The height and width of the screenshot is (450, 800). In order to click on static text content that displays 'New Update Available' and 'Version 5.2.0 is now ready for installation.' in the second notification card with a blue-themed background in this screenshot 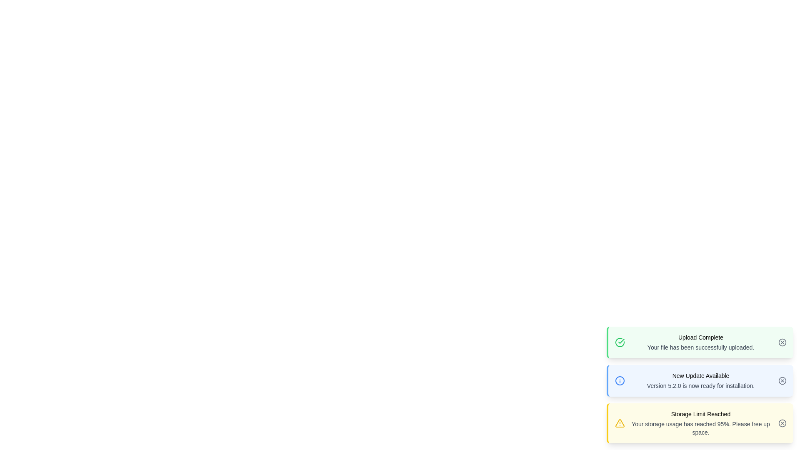, I will do `click(700, 381)`.